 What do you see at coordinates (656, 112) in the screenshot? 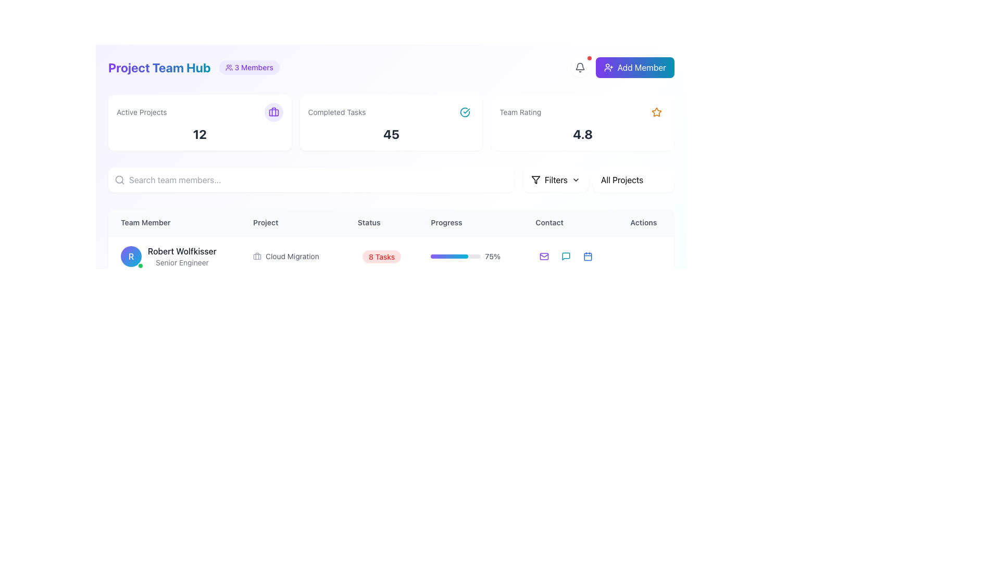
I see `the star icon representing the team rating, which is located near the top-right of the application interface, next to the rating value '4.8'` at bounding box center [656, 112].